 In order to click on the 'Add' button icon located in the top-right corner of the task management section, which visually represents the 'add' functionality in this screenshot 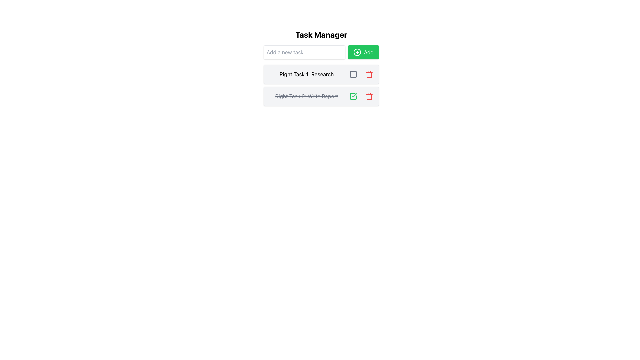, I will do `click(357, 52)`.